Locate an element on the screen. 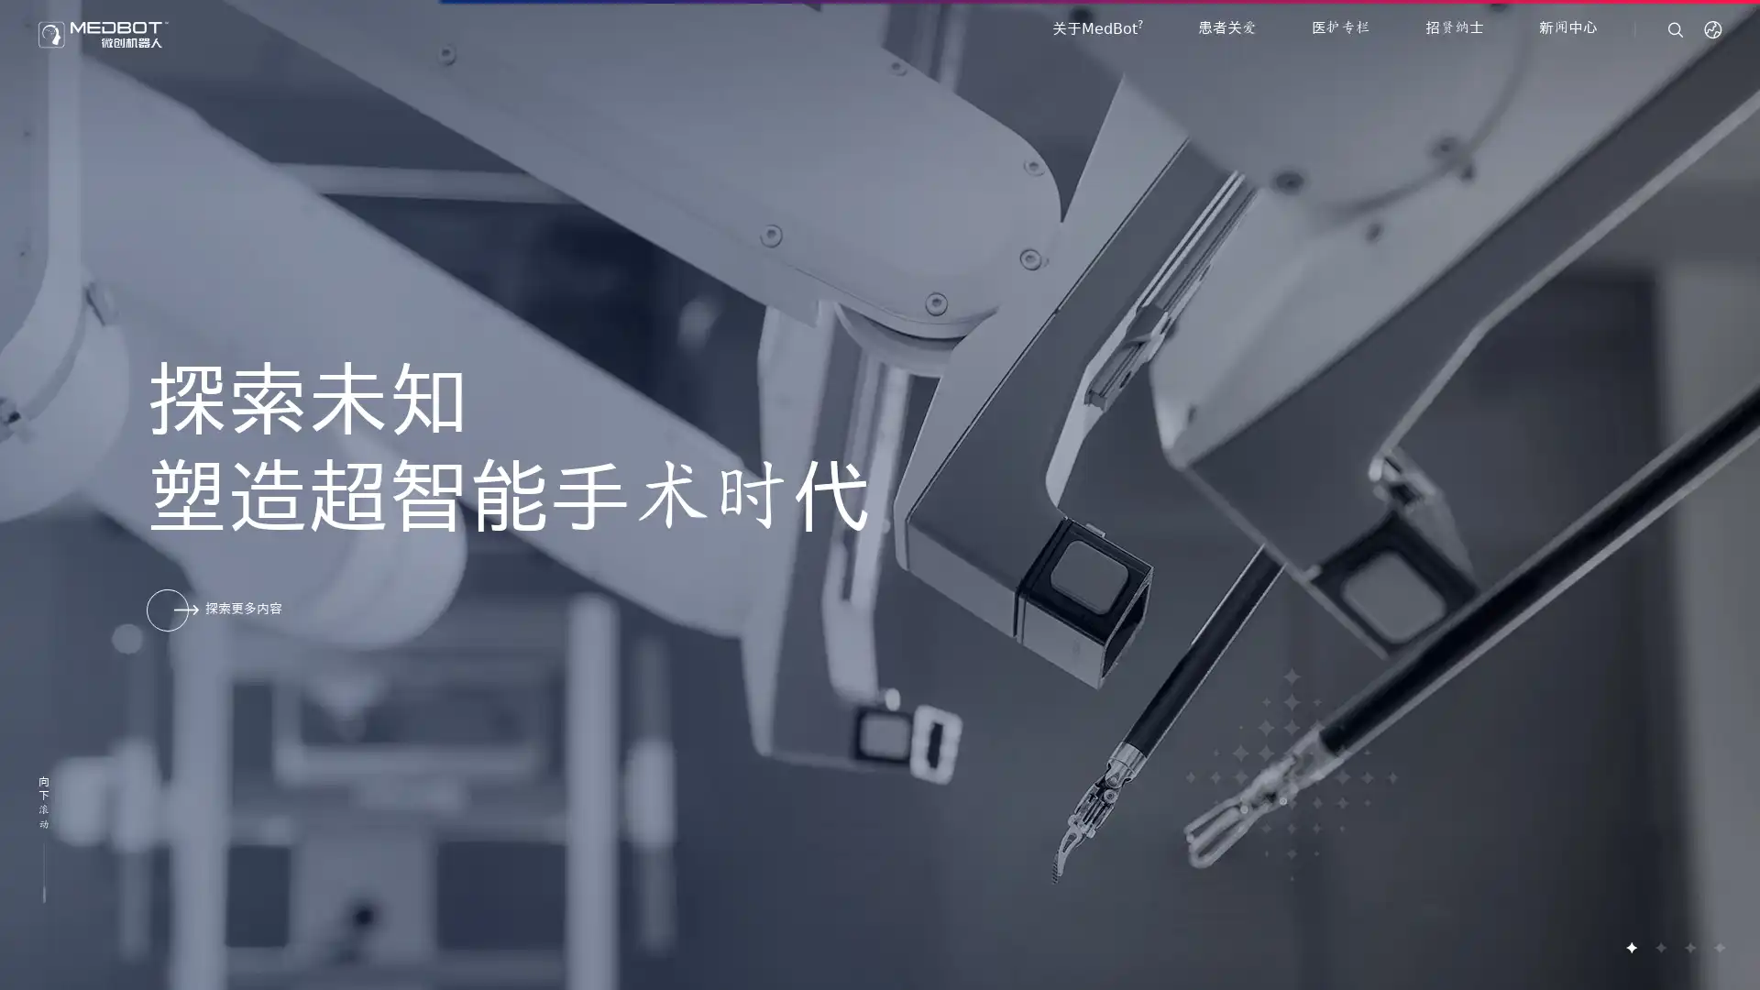  Go to slide 4 is located at coordinates (1718, 947).